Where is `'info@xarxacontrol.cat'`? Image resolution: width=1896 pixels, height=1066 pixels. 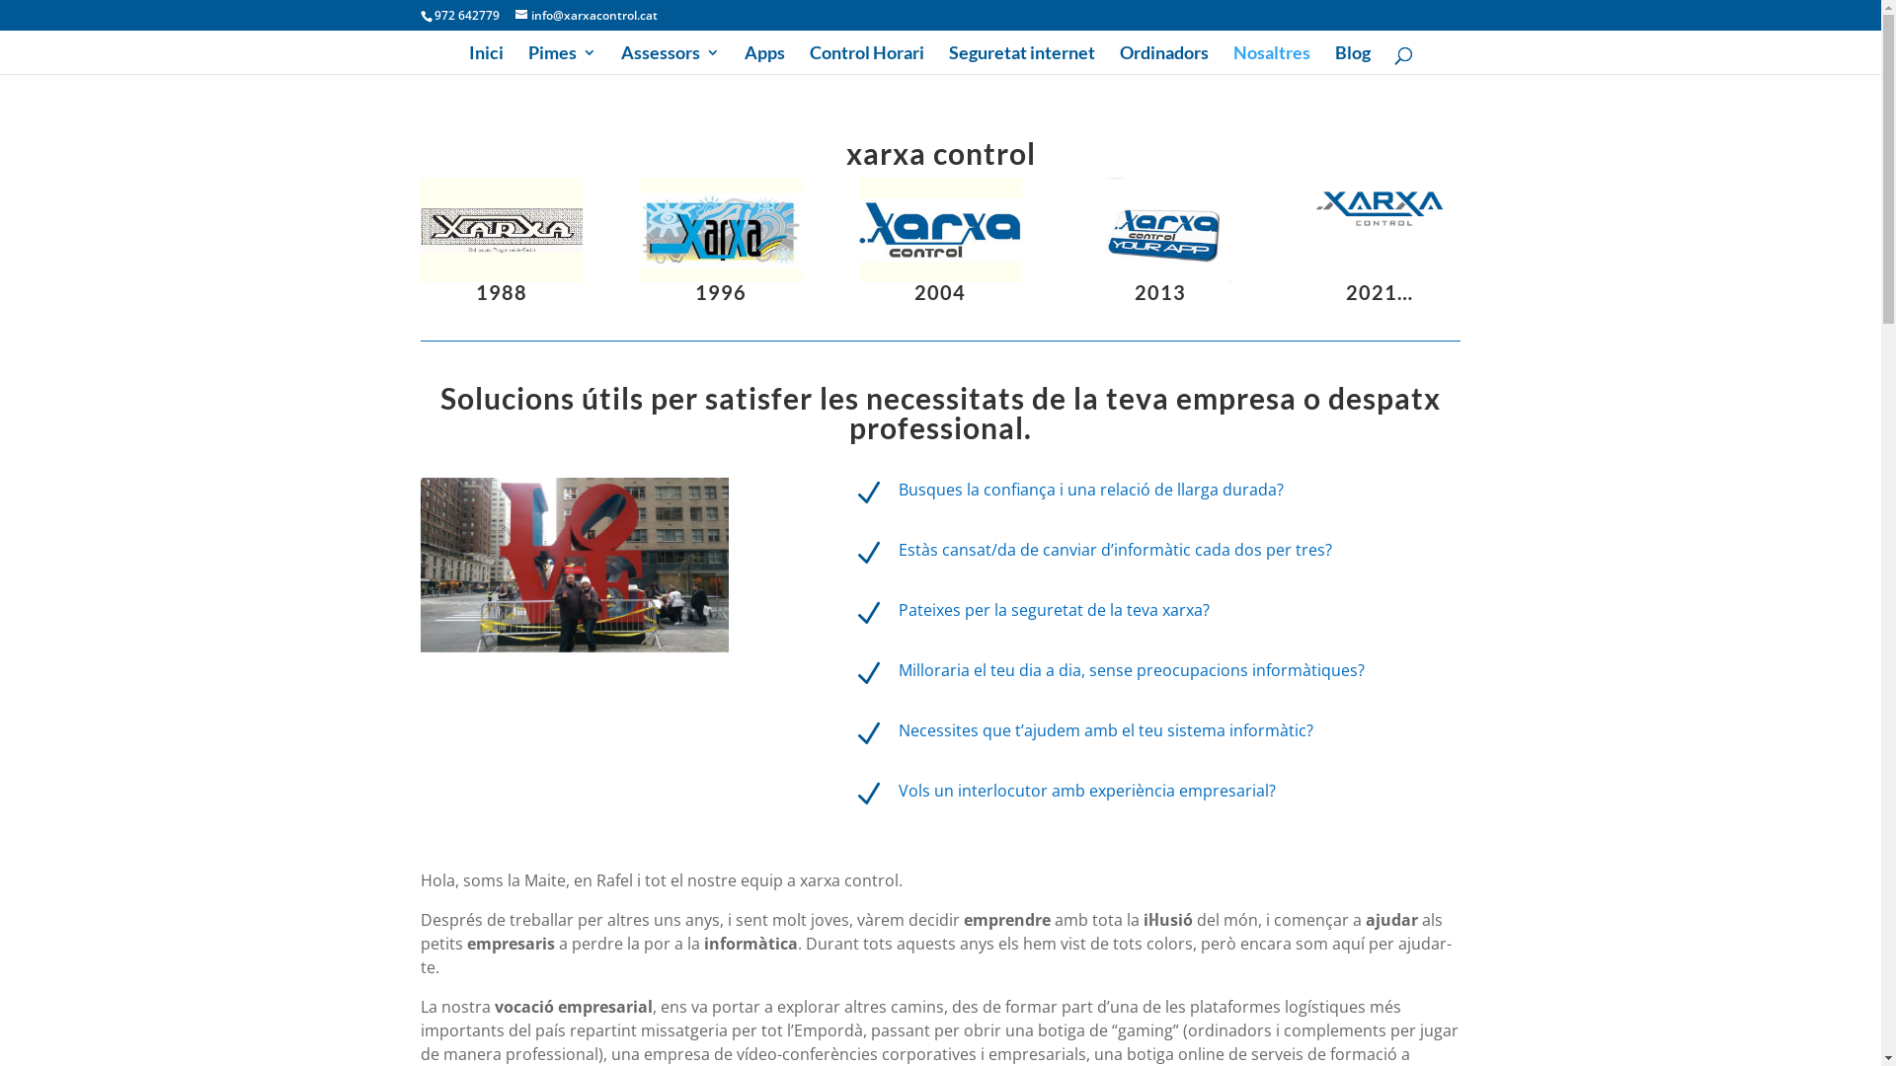
'info@xarxacontrol.cat' is located at coordinates (586, 15).